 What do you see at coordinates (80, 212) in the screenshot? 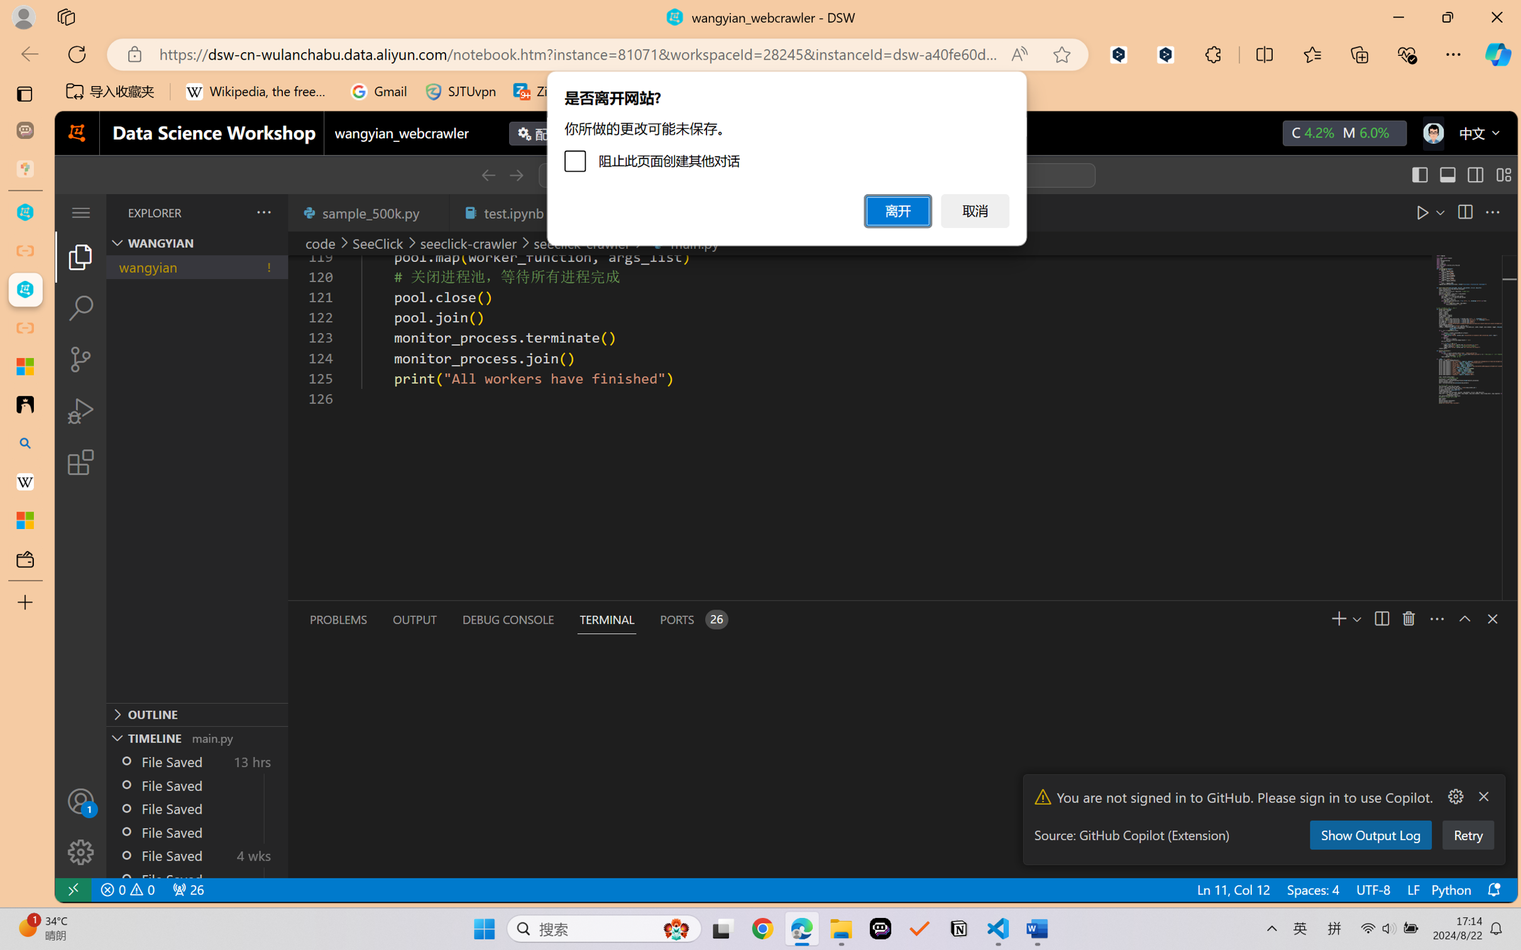
I see `'Class: menubar compact overflow-menu-only'` at bounding box center [80, 212].